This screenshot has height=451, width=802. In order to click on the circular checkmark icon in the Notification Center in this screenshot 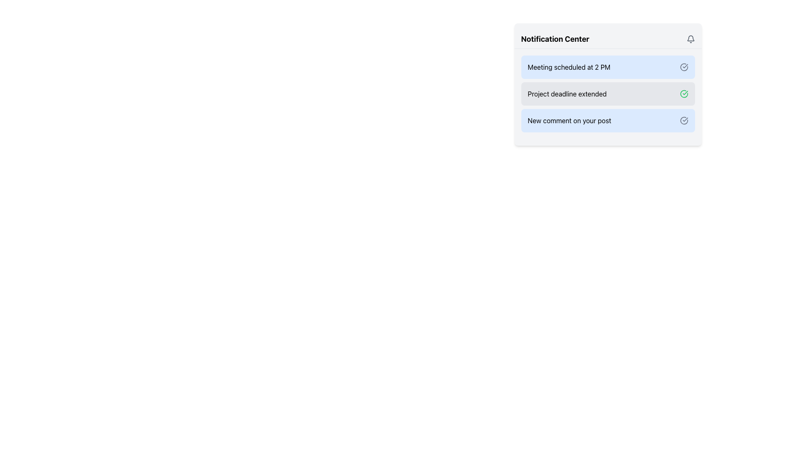, I will do `click(684, 67)`.